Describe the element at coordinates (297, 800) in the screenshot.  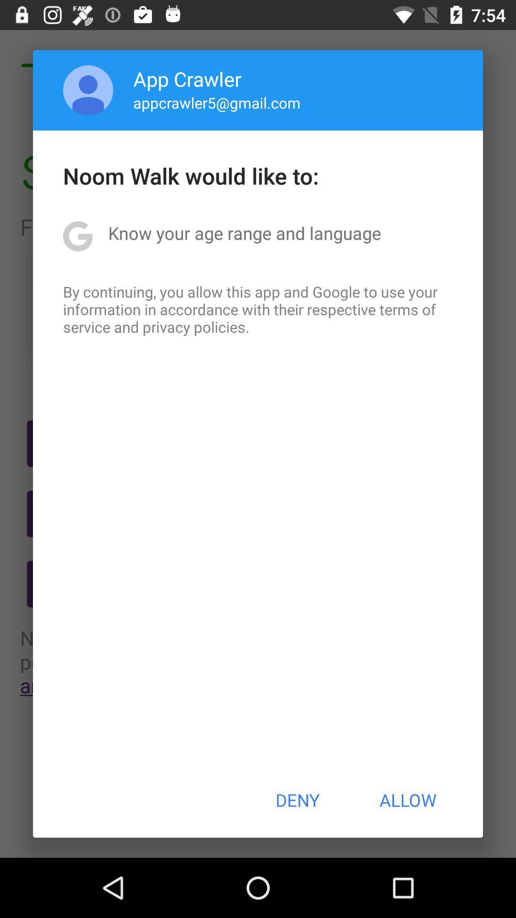
I see `the item to the left of allow` at that location.